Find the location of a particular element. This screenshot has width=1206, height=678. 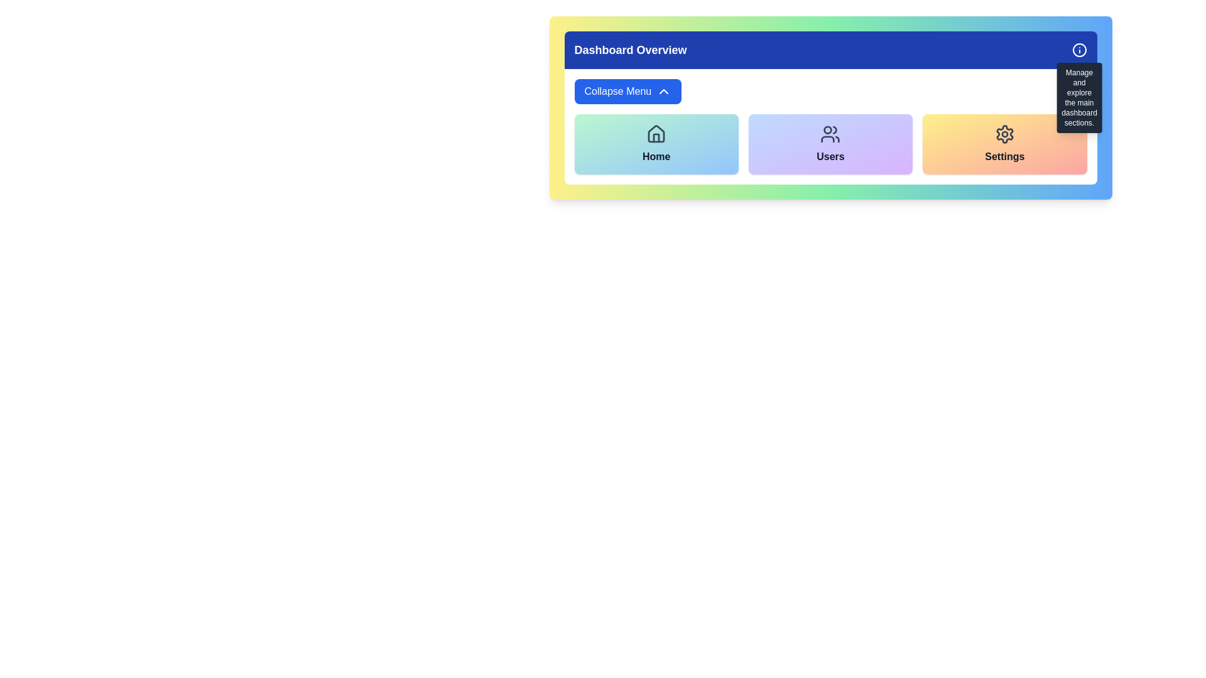

the third button in the grid layout that opens the 'Settings' section is located at coordinates (1004, 144).